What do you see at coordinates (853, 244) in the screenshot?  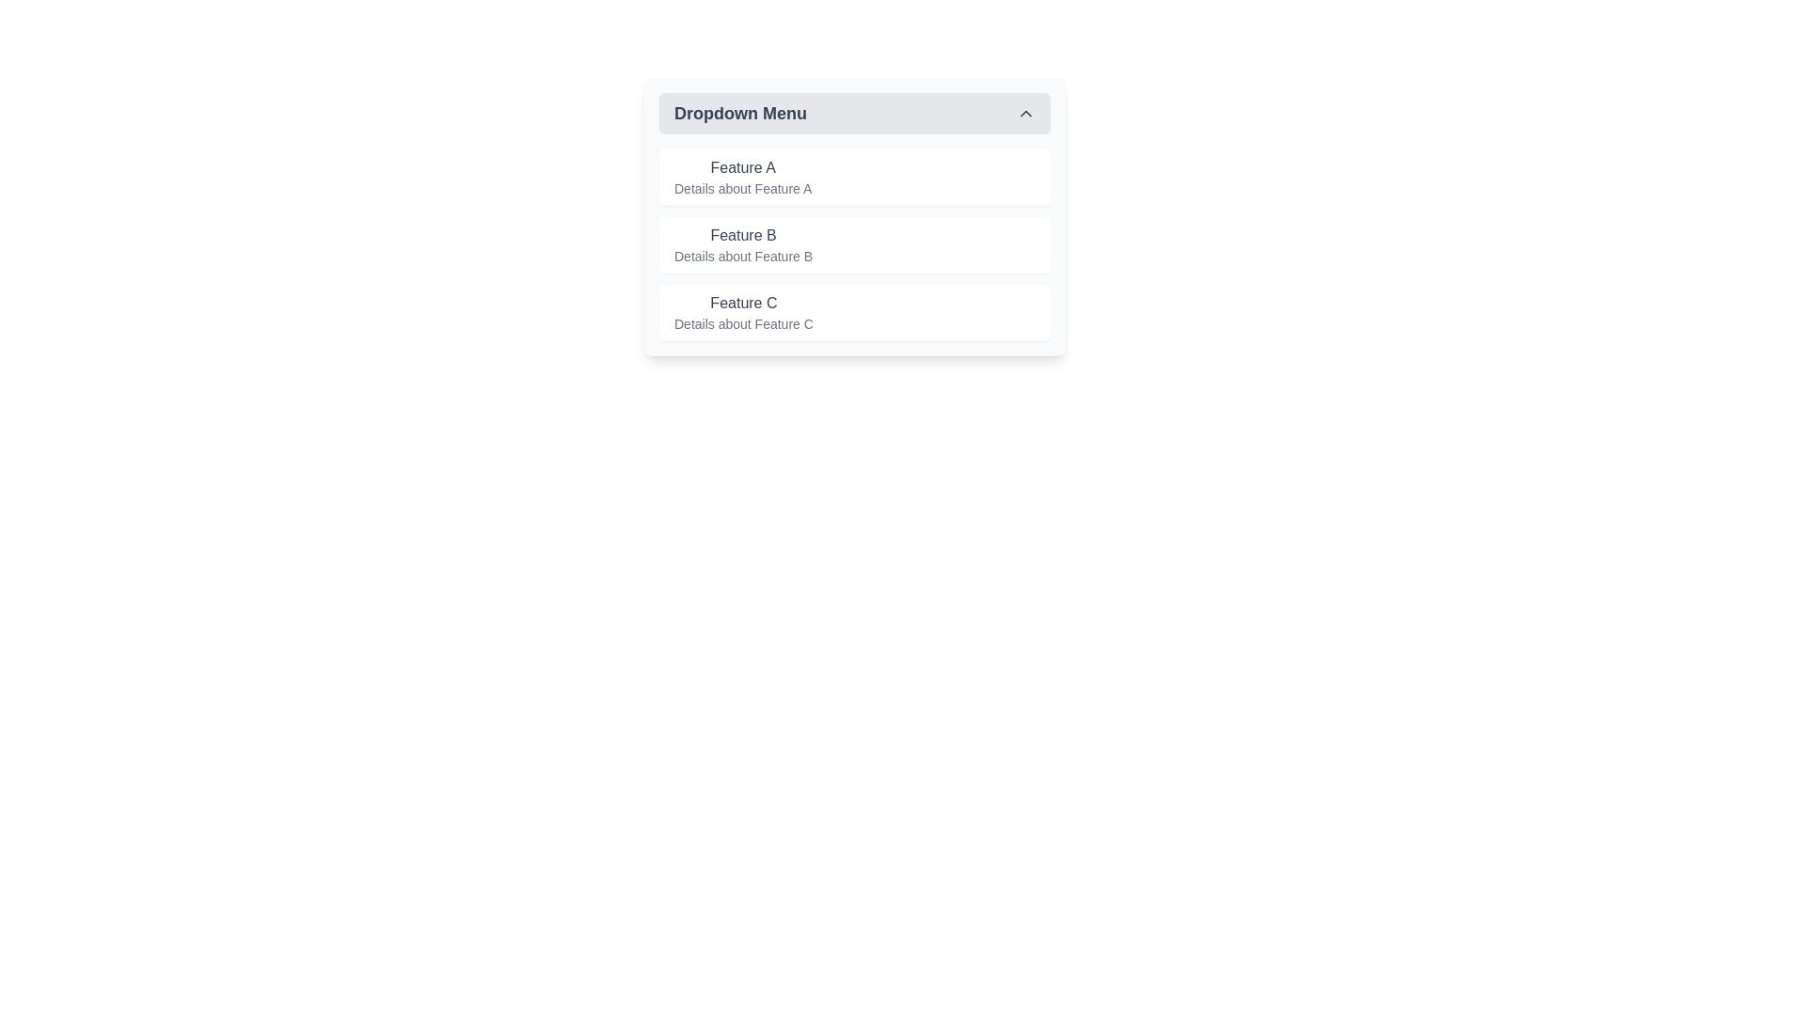 I see `the informational block located below the 'Dropdown Menu' title, which displays features and their details` at bounding box center [853, 244].